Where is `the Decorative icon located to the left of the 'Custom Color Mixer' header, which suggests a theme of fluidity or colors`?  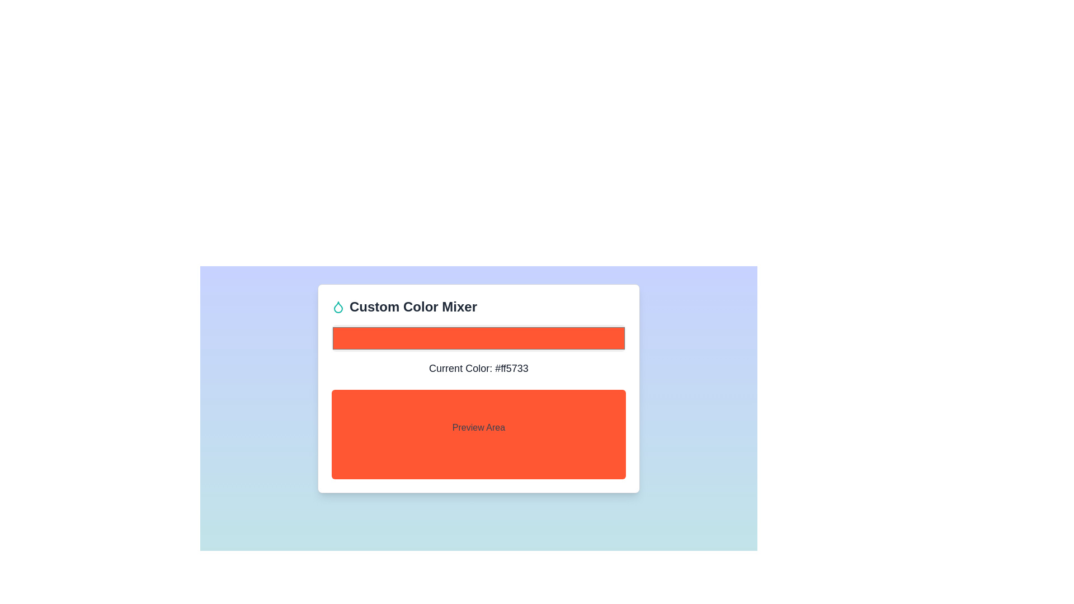
the Decorative icon located to the left of the 'Custom Color Mixer' header, which suggests a theme of fluidity or colors is located at coordinates (337, 306).